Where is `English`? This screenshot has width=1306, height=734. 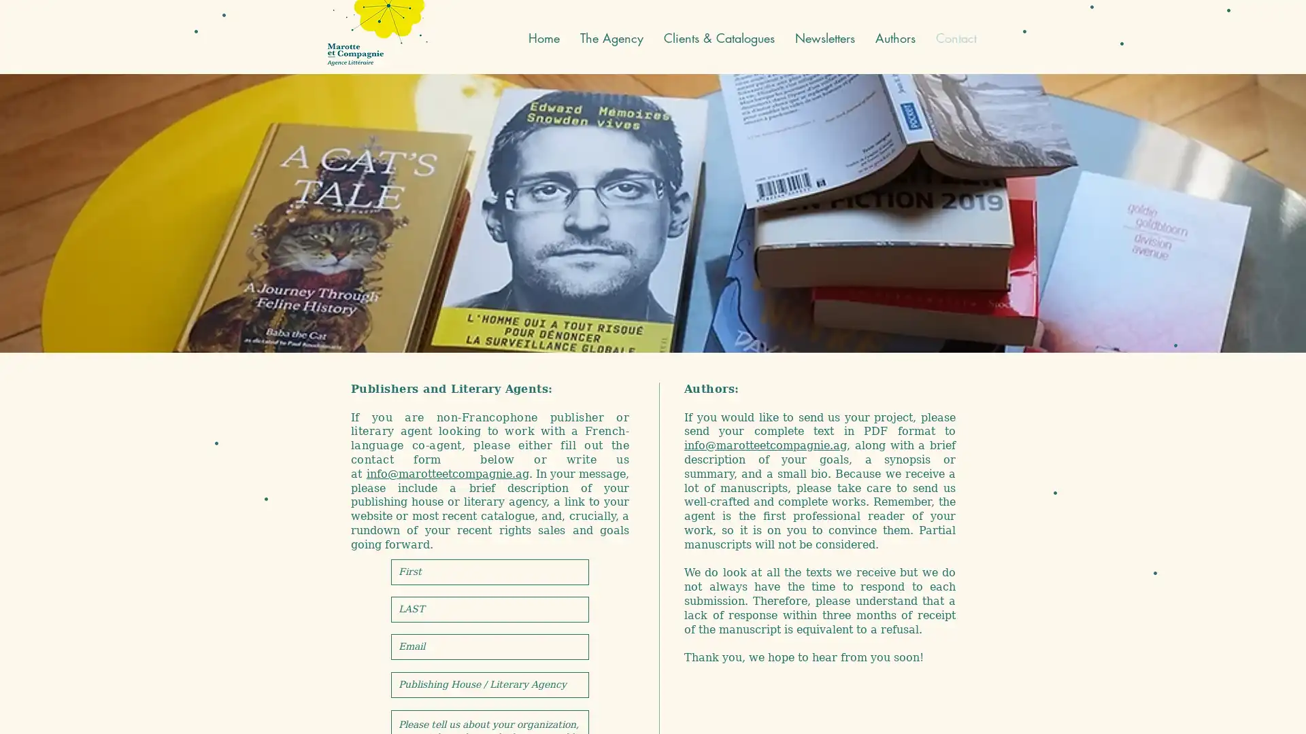
English is located at coordinates (485, 37).